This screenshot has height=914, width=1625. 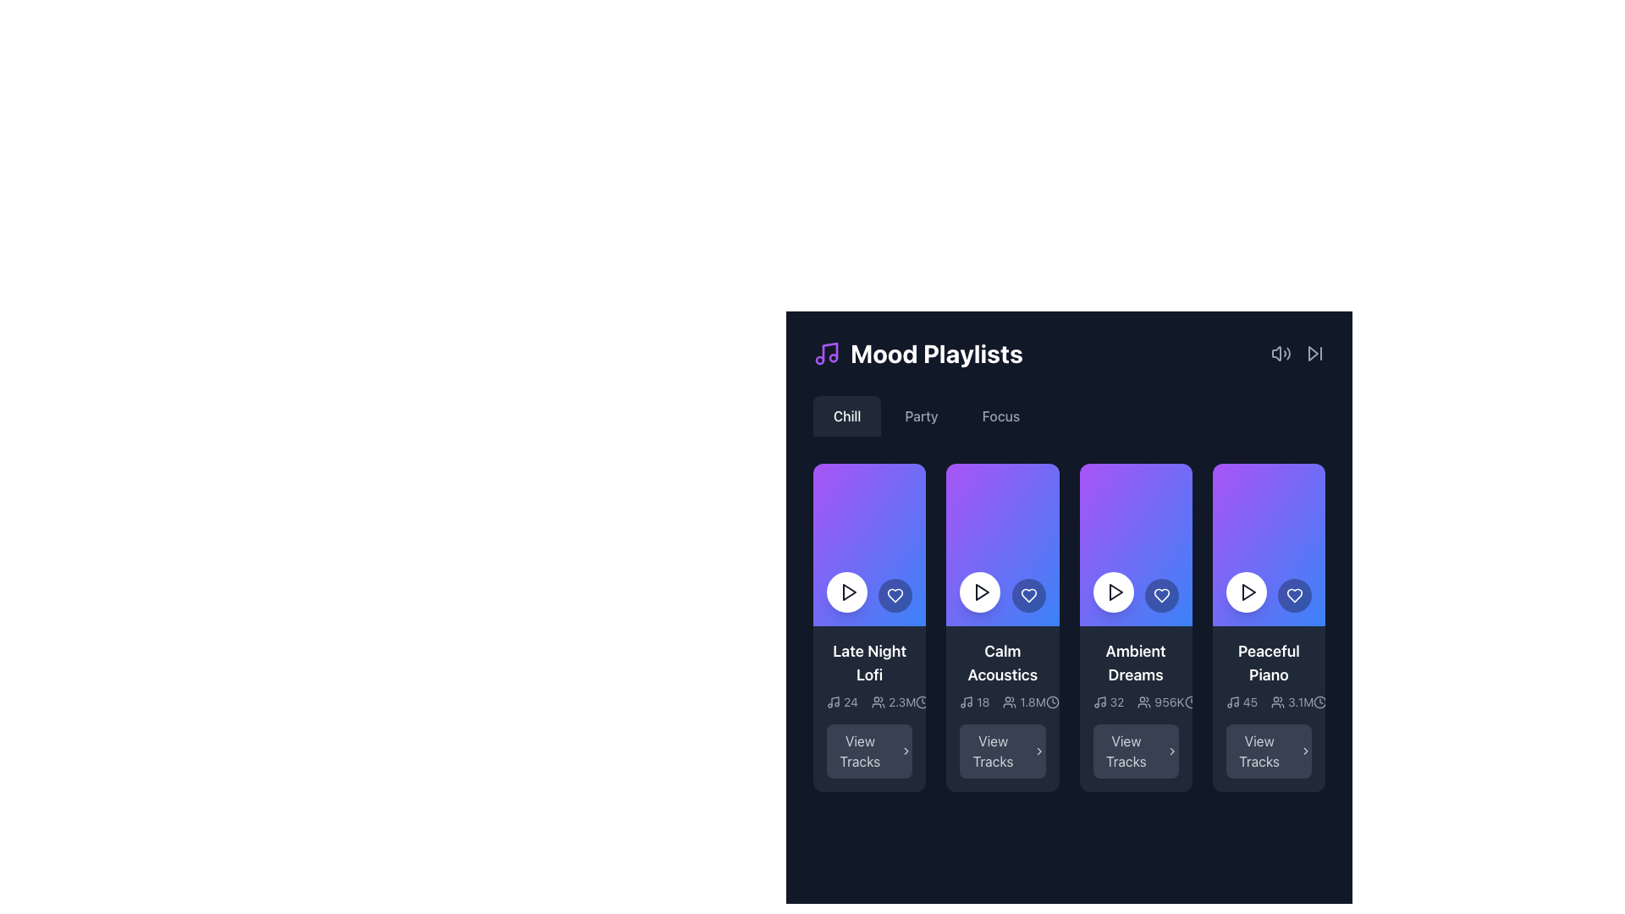 What do you see at coordinates (847, 416) in the screenshot?
I see `the first button in the mood playlist section, labeled 'Chill'` at bounding box center [847, 416].